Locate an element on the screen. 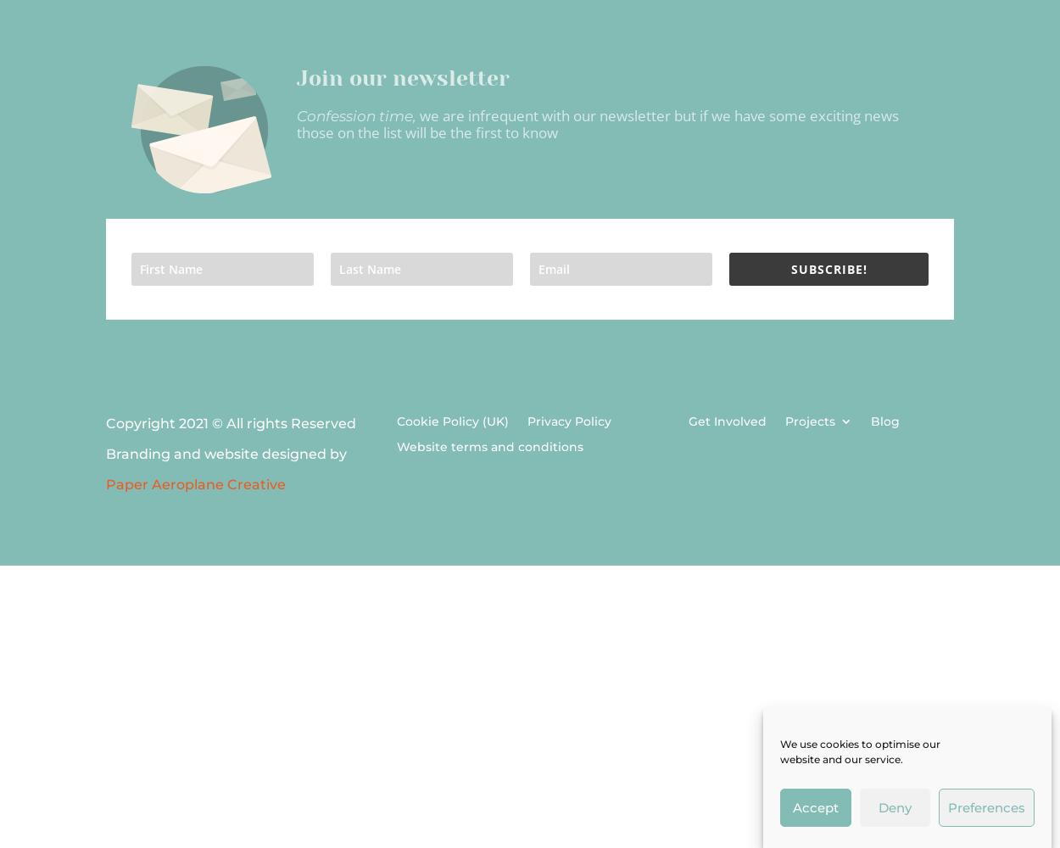 This screenshot has height=848, width=1060. 'Projects' is located at coordinates (808, 421).